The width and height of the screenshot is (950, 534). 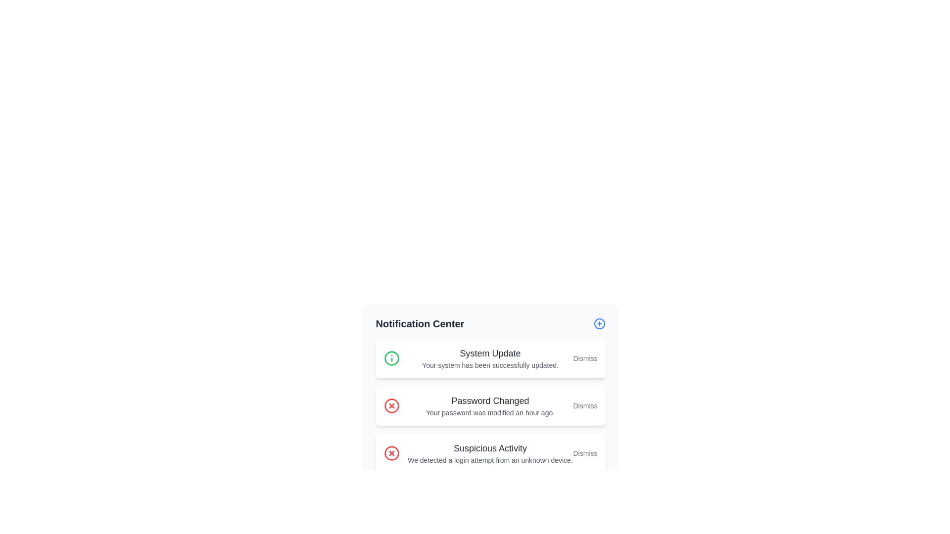 I want to click on the clickable text link styled in light gray font located at the bottom-right corner of the 'Suspicious Activity' notification card, so click(x=585, y=453).